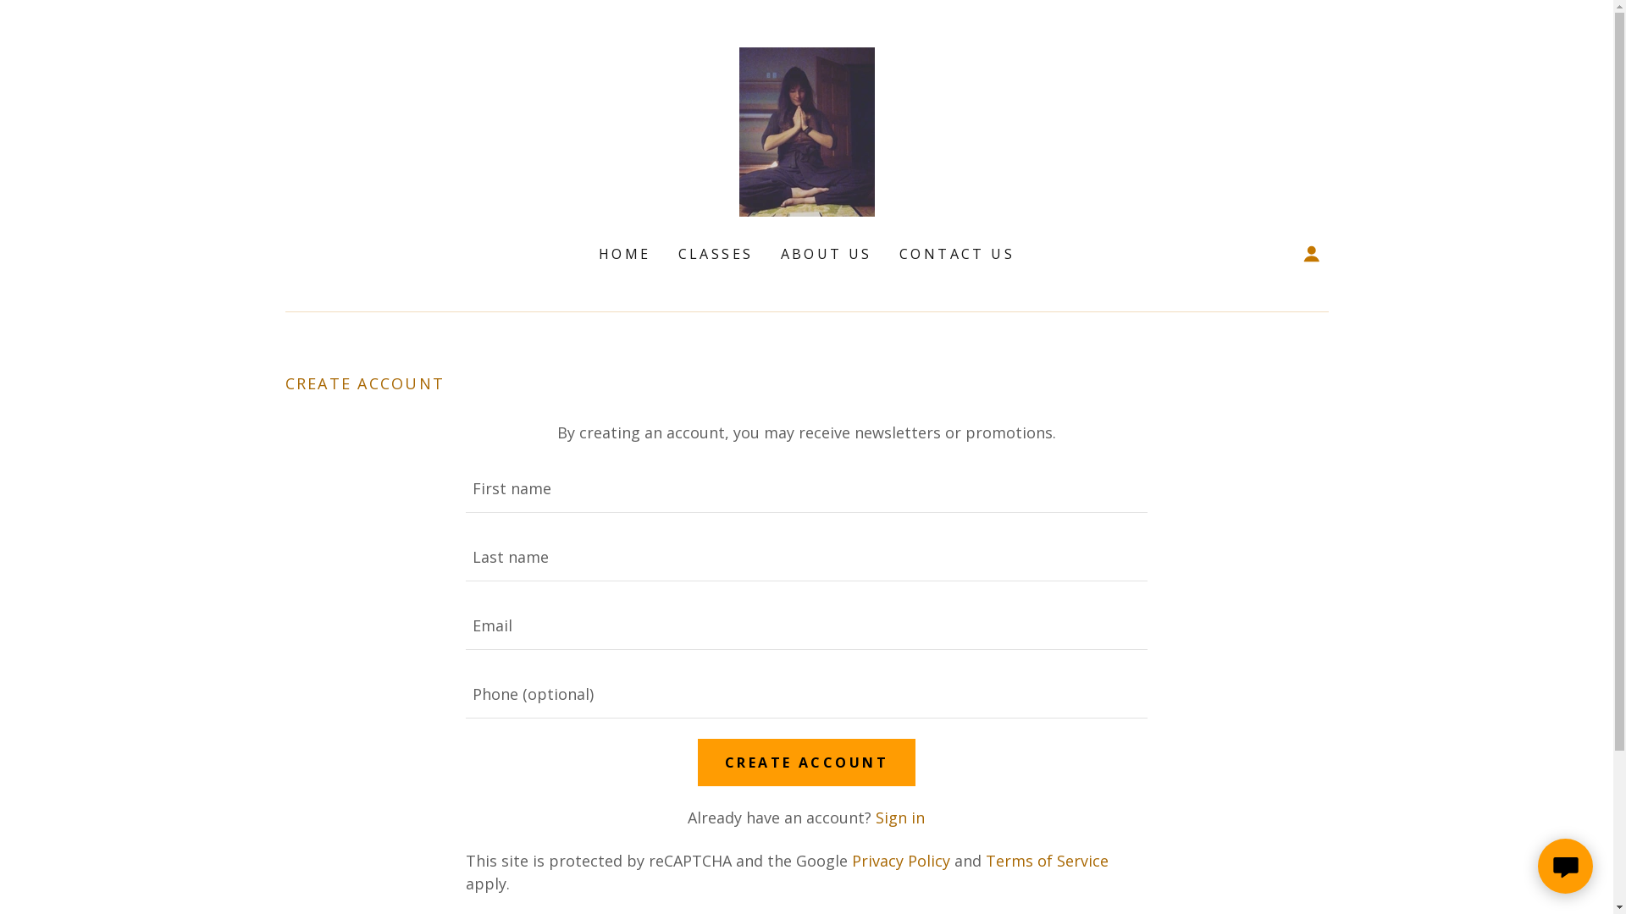 This screenshot has height=914, width=1626. What do you see at coordinates (805, 129) in the screenshot?
I see `'AmberWatson'` at bounding box center [805, 129].